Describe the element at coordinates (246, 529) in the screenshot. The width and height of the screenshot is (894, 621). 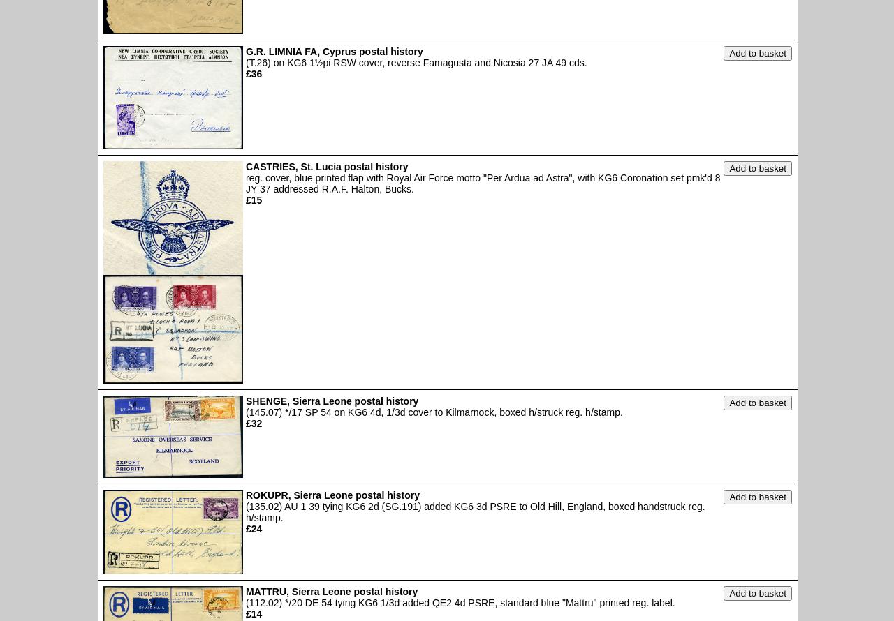
I see `'£24'` at that location.